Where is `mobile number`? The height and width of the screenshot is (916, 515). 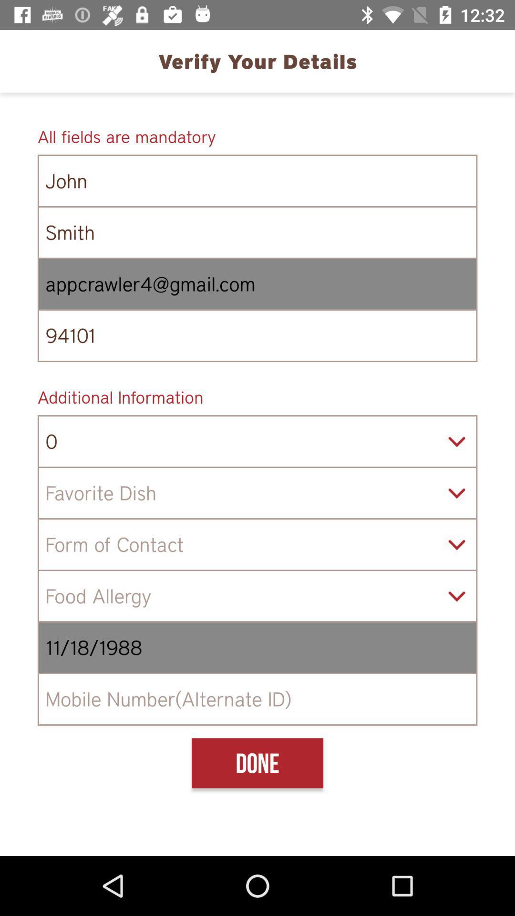 mobile number is located at coordinates (257, 699).